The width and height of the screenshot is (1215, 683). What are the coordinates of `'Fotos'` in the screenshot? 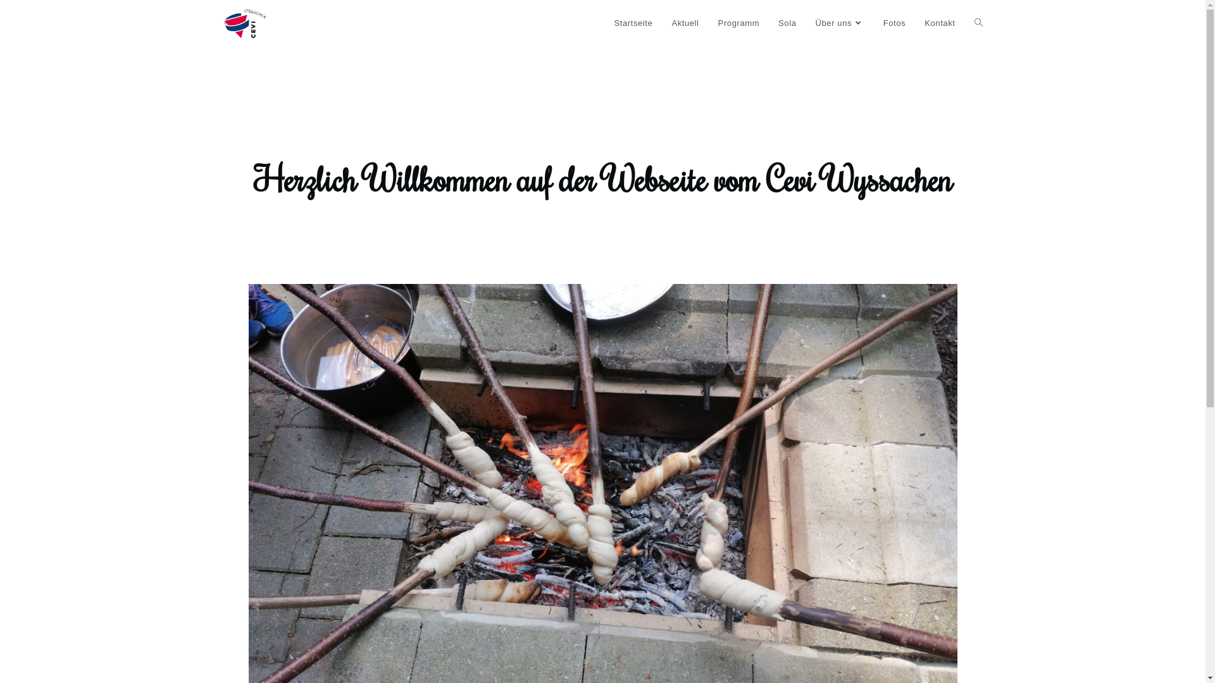 It's located at (894, 23).